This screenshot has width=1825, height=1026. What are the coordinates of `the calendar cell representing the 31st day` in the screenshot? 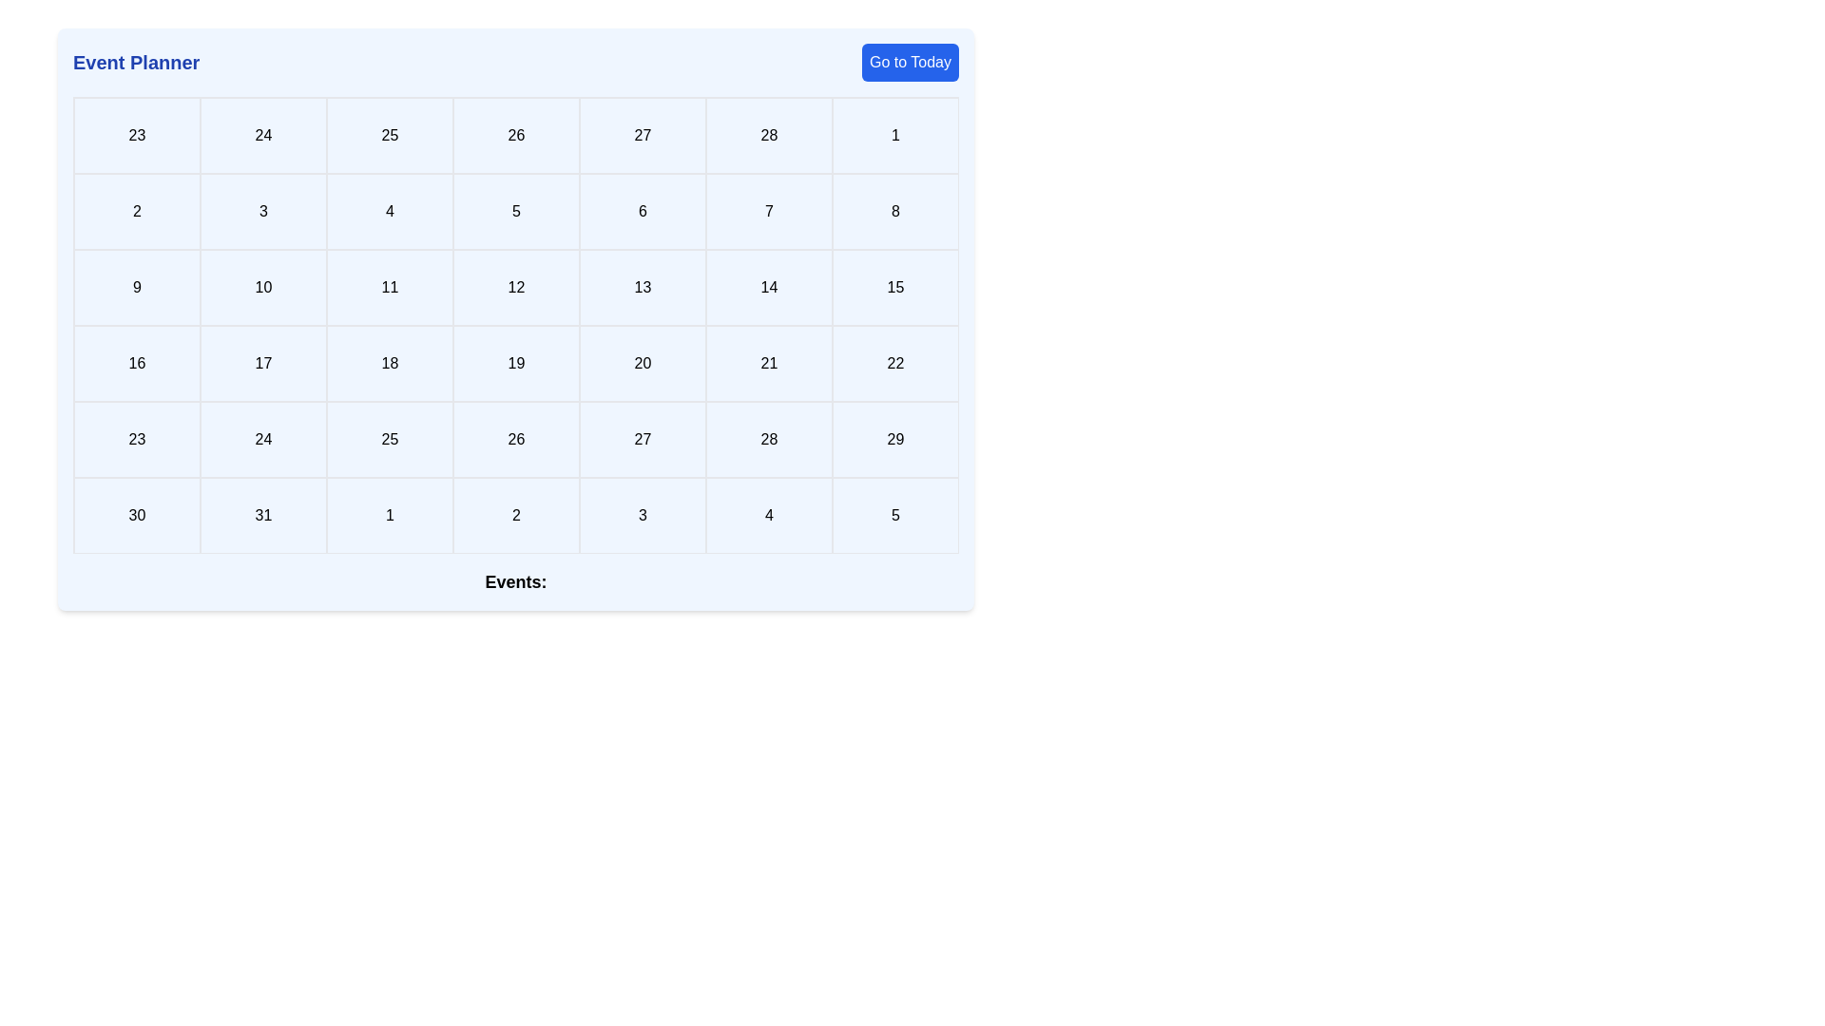 It's located at (262, 516).